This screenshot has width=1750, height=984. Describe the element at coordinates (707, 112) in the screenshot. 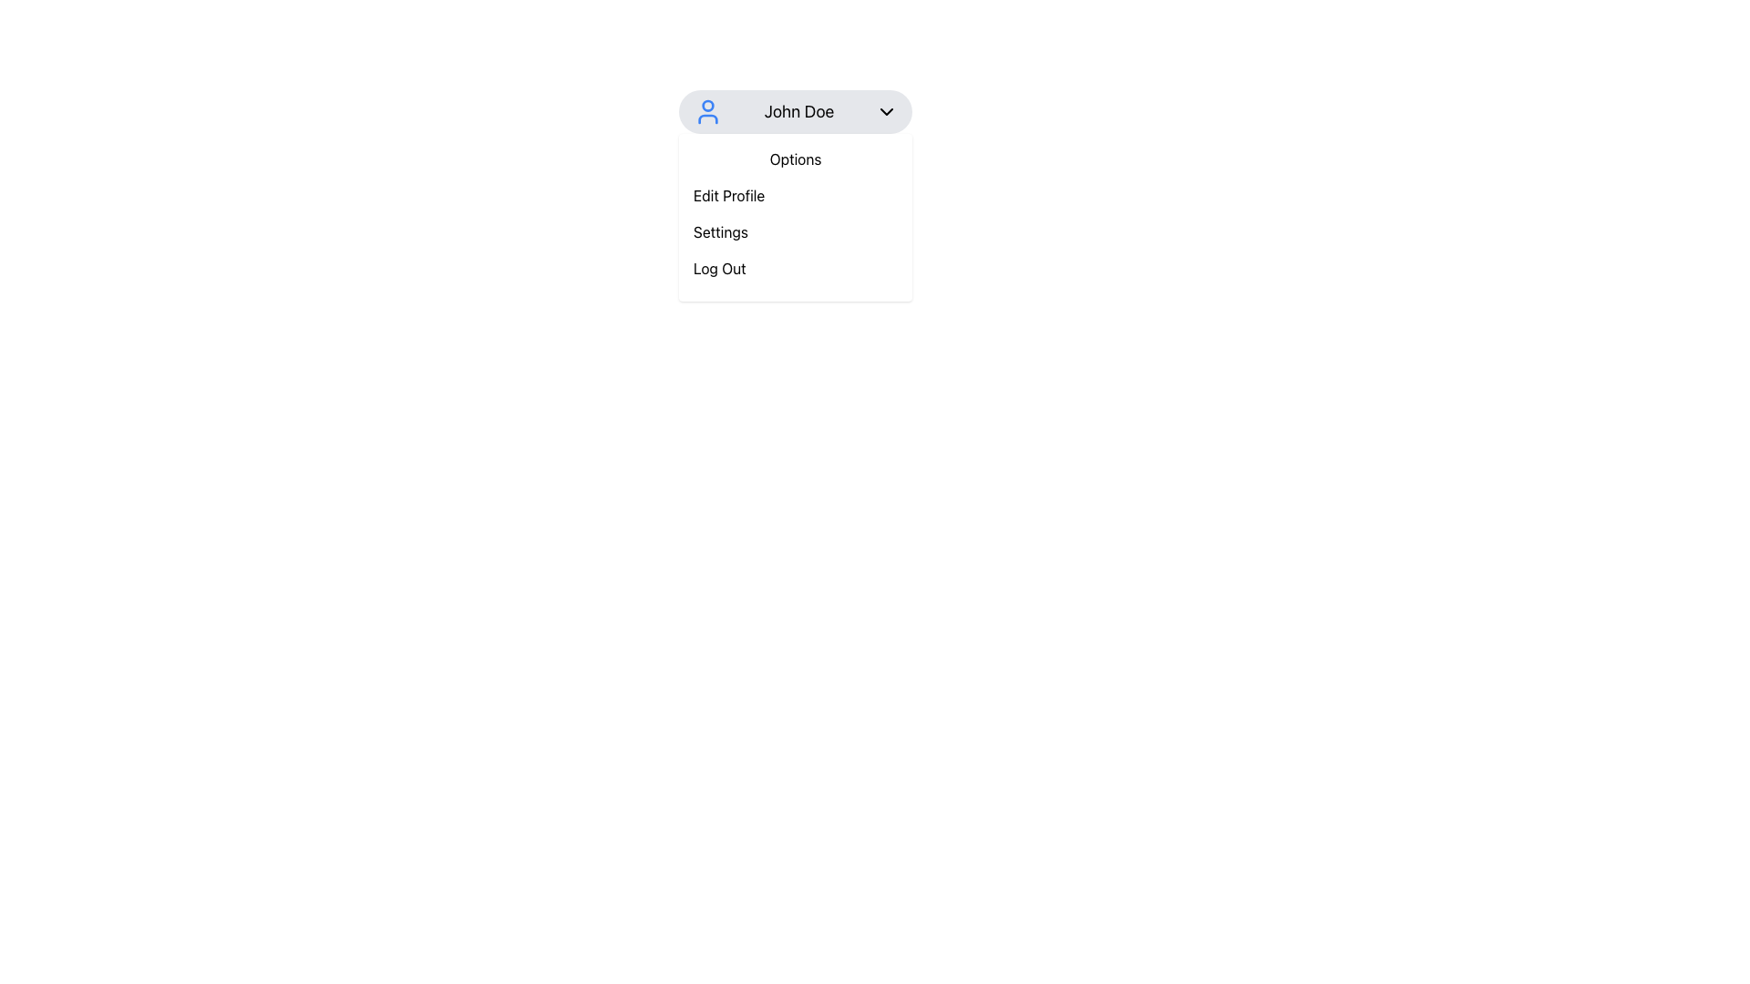

I see `the user profile icon located on the leftmost side of the horizontal bar labeled 'John Doe' in the profile menu section` at that location.